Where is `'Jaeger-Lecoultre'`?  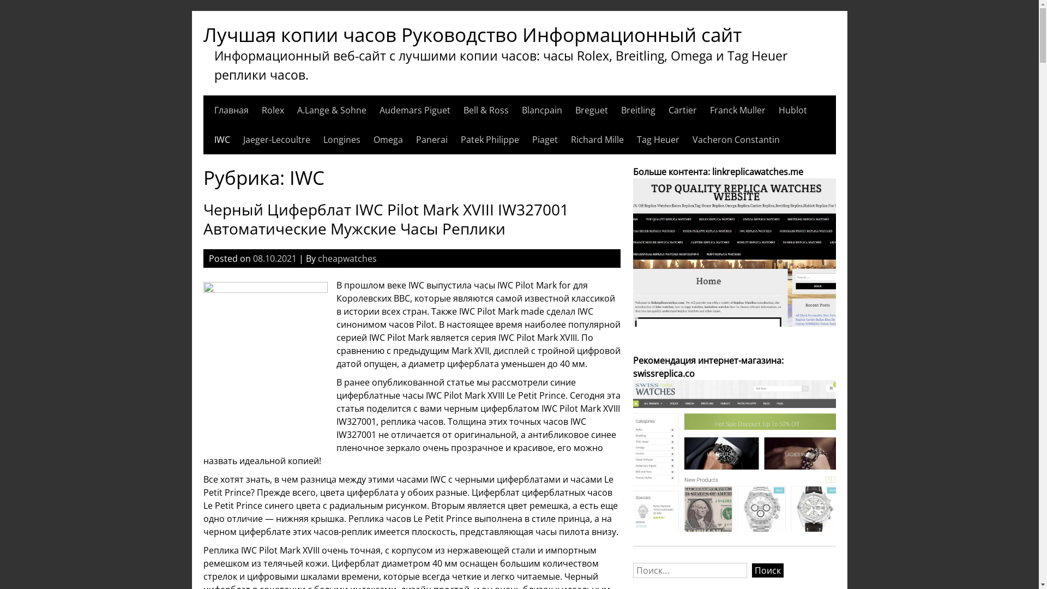
'Jaeger-Lecoultre' is located at coordinates (243, 139).